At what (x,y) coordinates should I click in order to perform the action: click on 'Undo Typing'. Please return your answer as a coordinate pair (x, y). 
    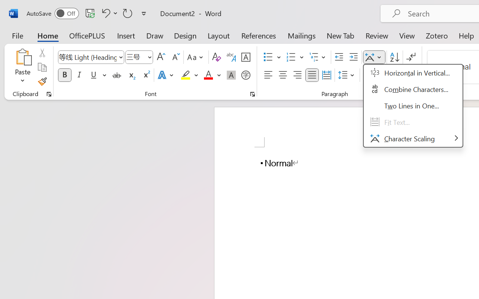
    Looking at the image, I should click on (108, 13).